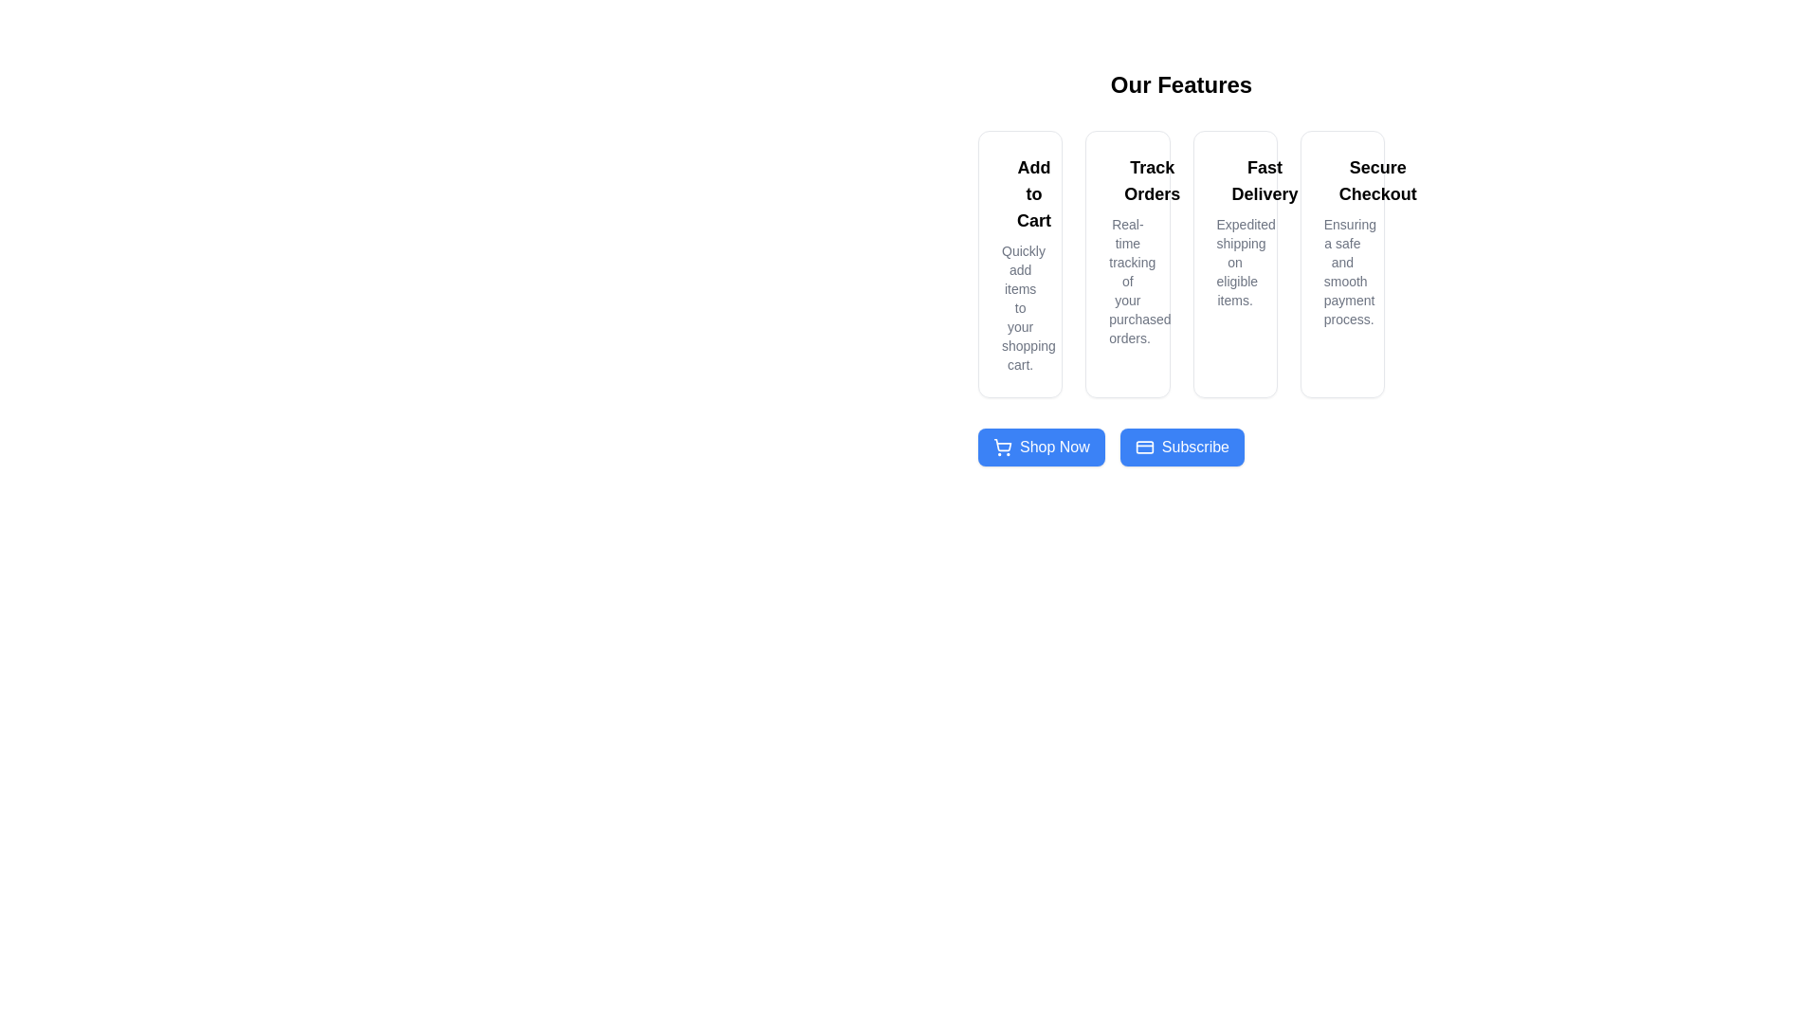 This screenshot has height=1024, width=1820. I want to click on the 'Secure Checkout' label with an icon, which is located in the fourth feature card under the 'Our Features' section, so click(1341, 181).